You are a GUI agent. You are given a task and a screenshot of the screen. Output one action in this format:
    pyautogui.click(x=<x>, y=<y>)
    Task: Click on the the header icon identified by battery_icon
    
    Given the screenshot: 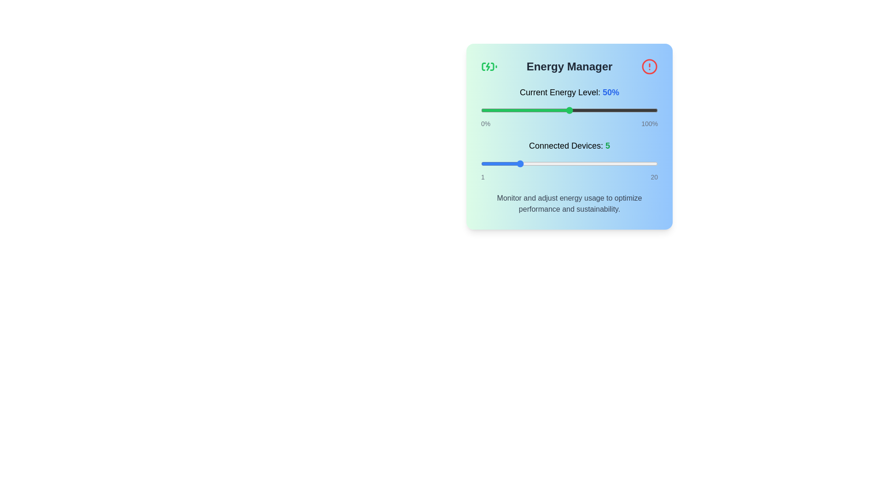 What is the action you would take?
    pyautogui.click(x=489, y=66)
    